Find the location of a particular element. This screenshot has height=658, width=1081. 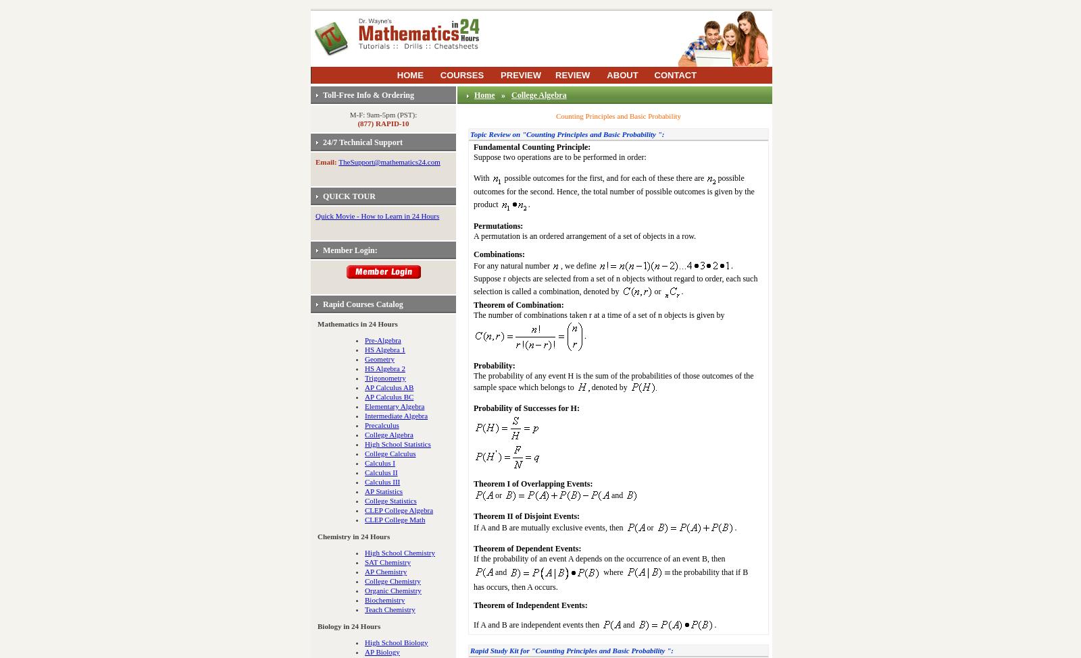

'Elementary Algebra' is located at coordinates (364, 406).